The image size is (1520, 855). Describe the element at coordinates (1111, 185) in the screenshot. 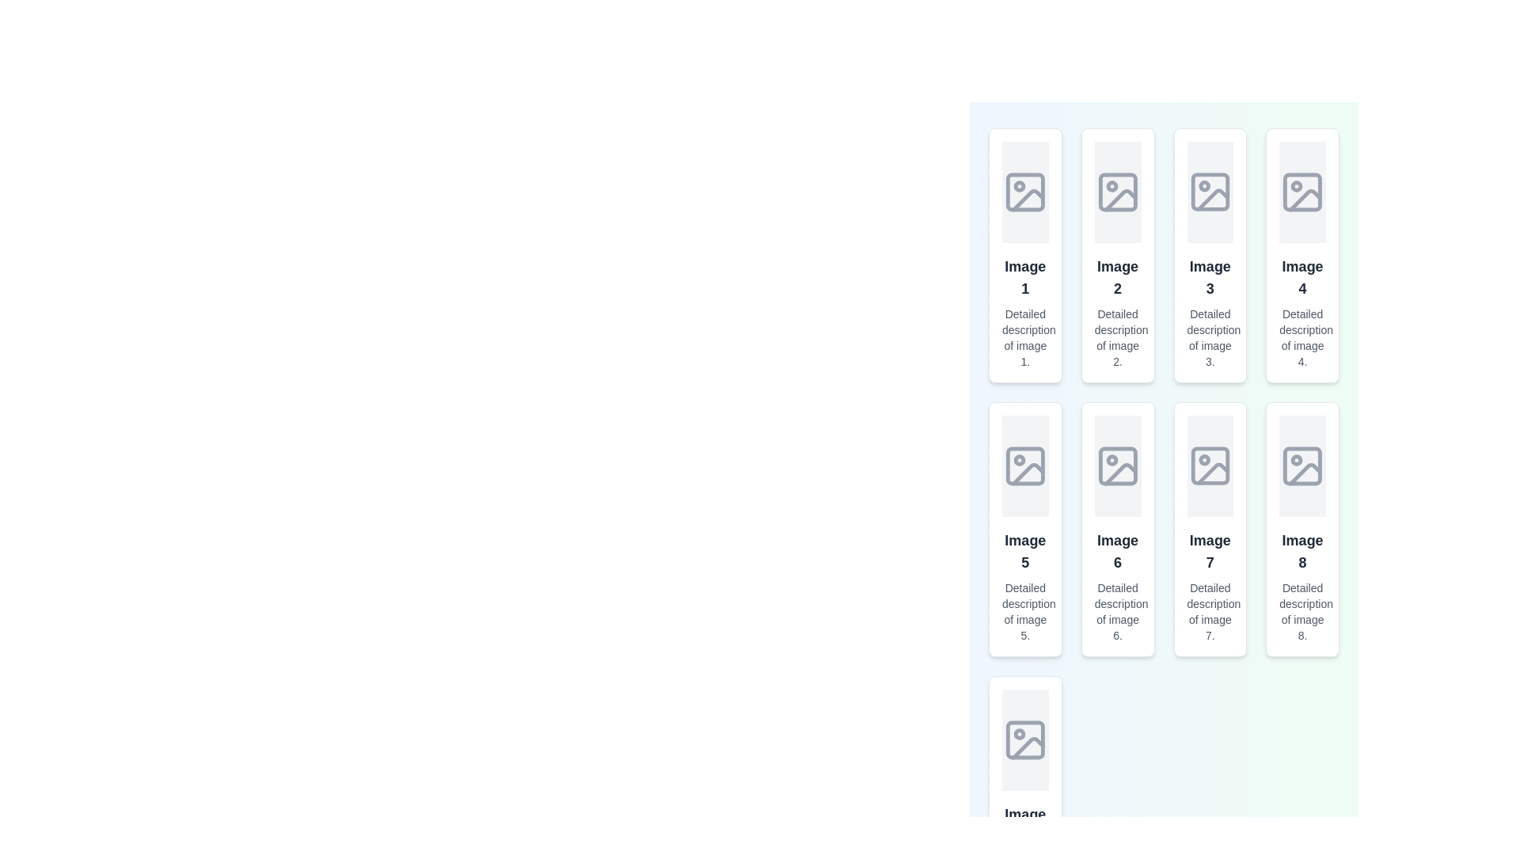

I see `the small circular SVG element located inside the second placeholder image icon in the top row of the image grid` at that location.